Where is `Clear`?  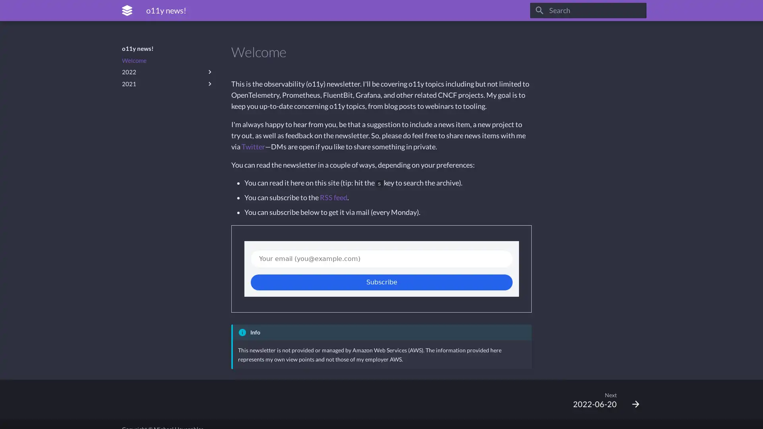 Clear is located at coordinates (637, 10).